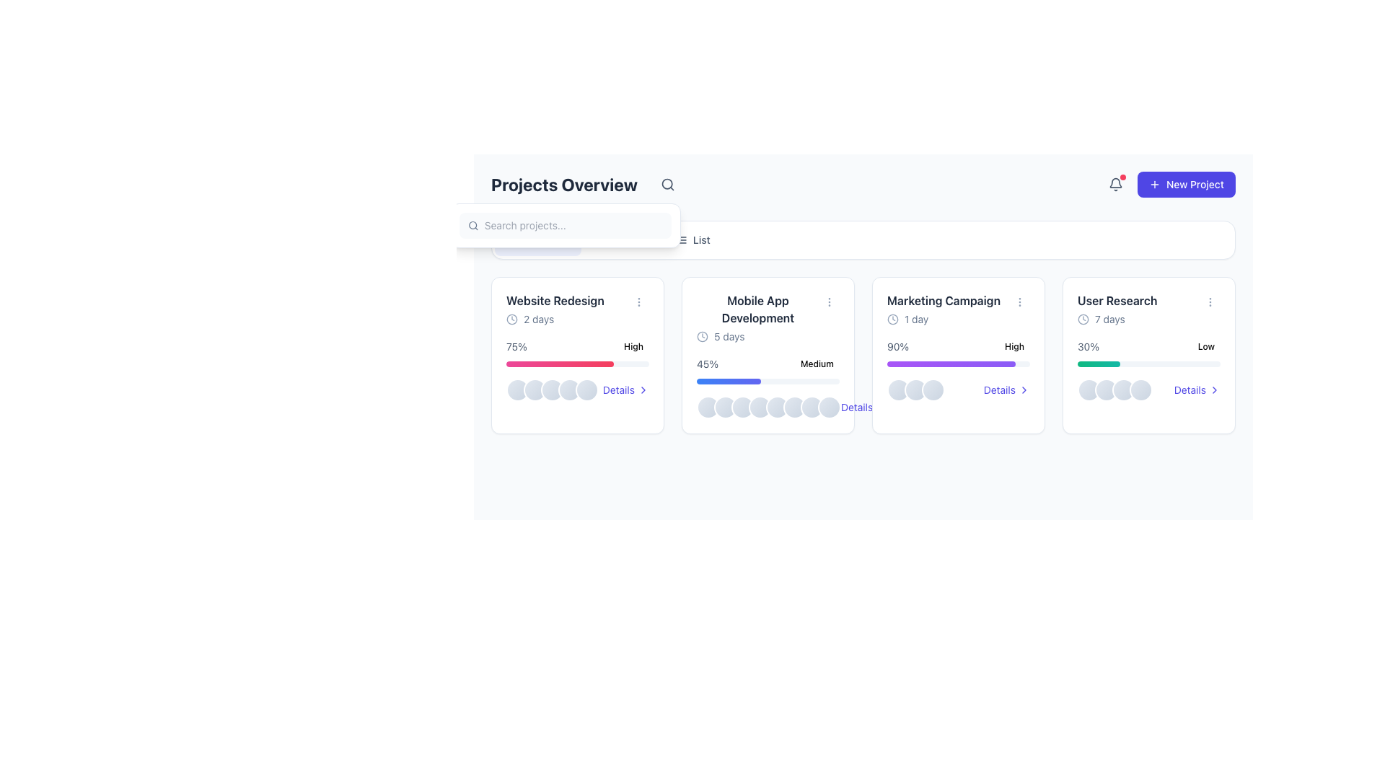 Image resolution: width=1385 pixels, height=779 pixels. I want to click on the second circular avatar-like icon with a gradient background, located below the text 'Marketing Campaign' in the project summary grid, so click(915, 389).